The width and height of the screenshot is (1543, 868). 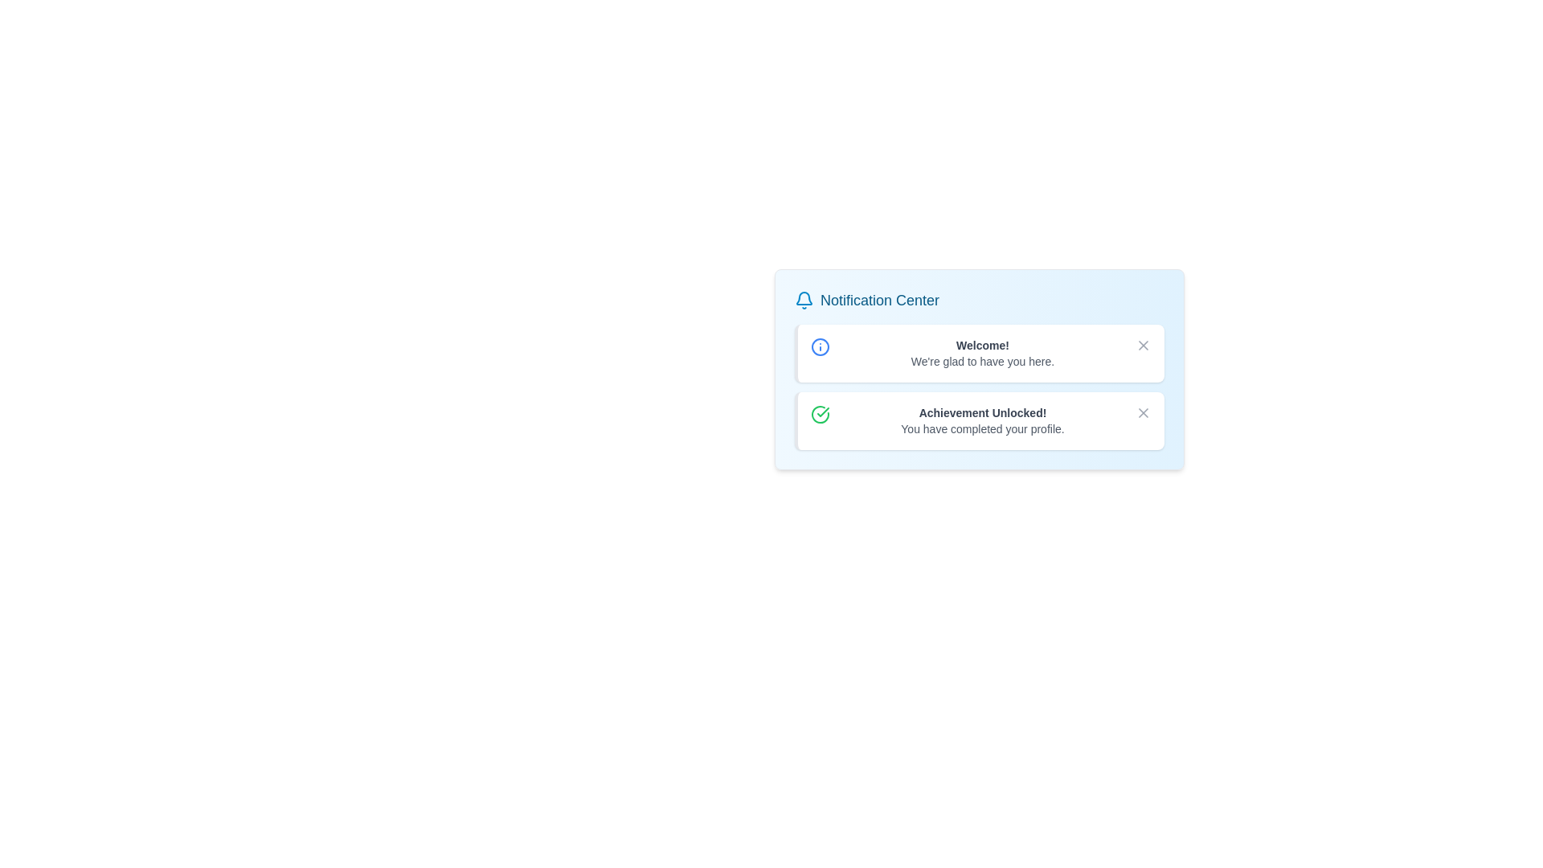 I want to click on the close button icon (X) located at the upper-right corner of the notification box that says 'Welcome! We’re glad to have you here.' to change its color to red, so click(x=1142, y=344).